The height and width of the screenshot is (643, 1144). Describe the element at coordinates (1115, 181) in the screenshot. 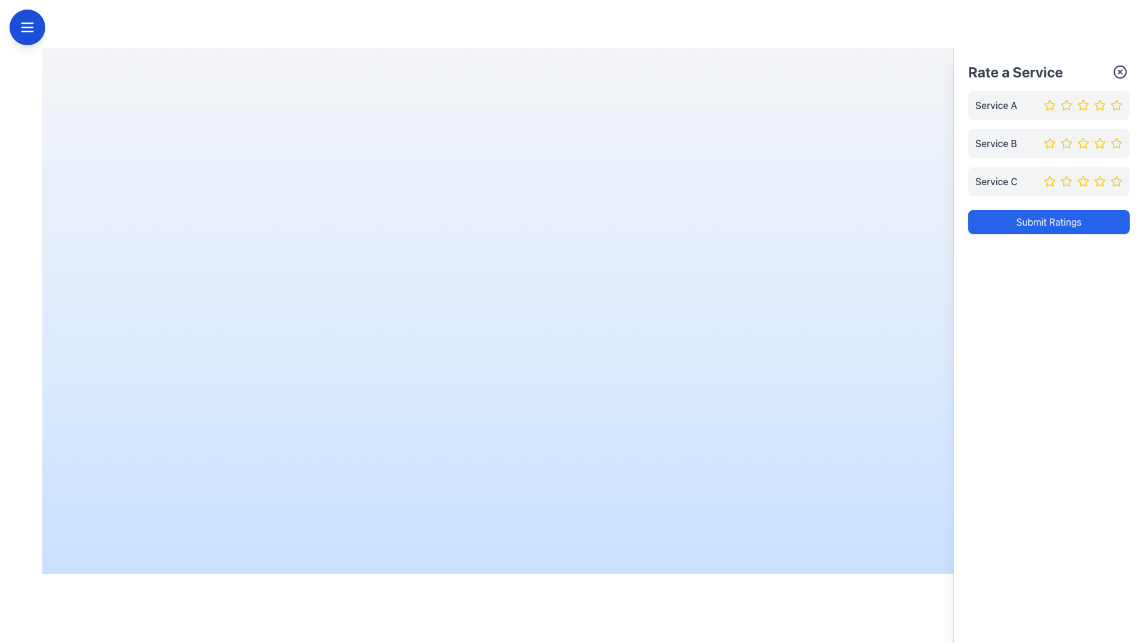

I see `the fifth rating star icon` at that location.